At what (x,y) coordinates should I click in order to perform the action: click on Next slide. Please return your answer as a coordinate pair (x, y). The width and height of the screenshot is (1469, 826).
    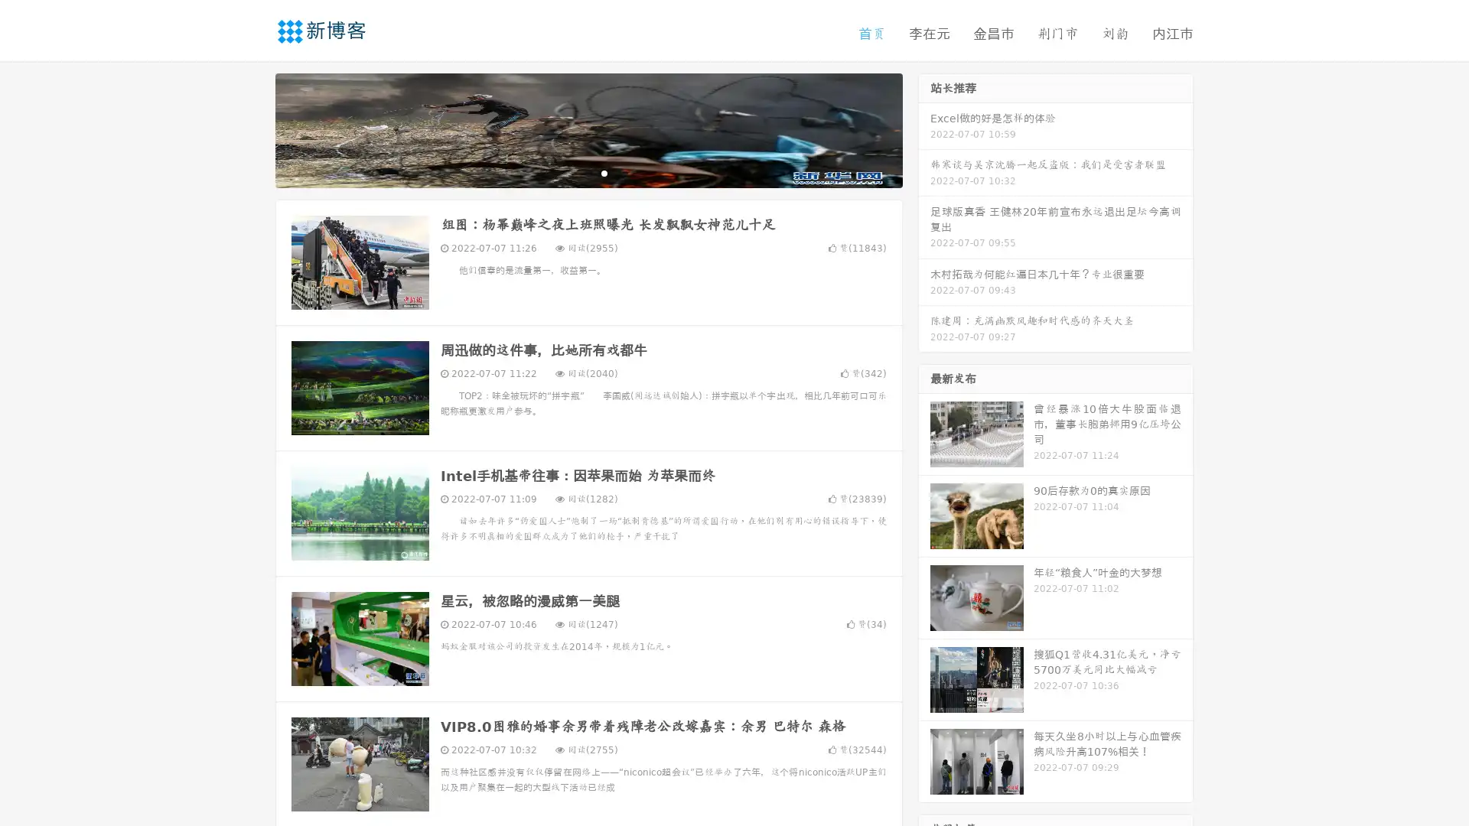
    Looking at the image, I should click on (924, 128).